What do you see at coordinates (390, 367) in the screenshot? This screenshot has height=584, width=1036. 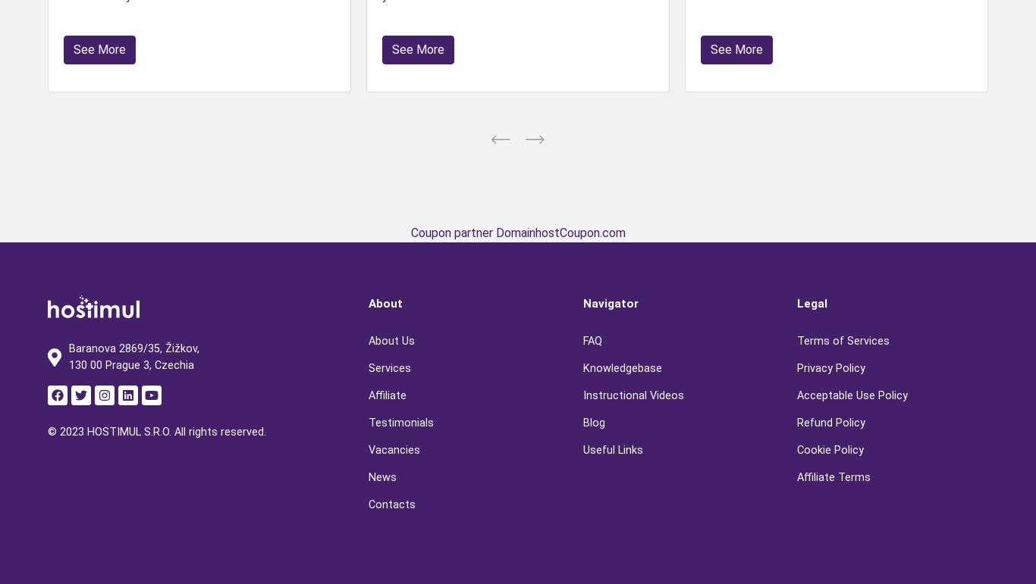 I see `'Services'` at bounding box center [390, 367].